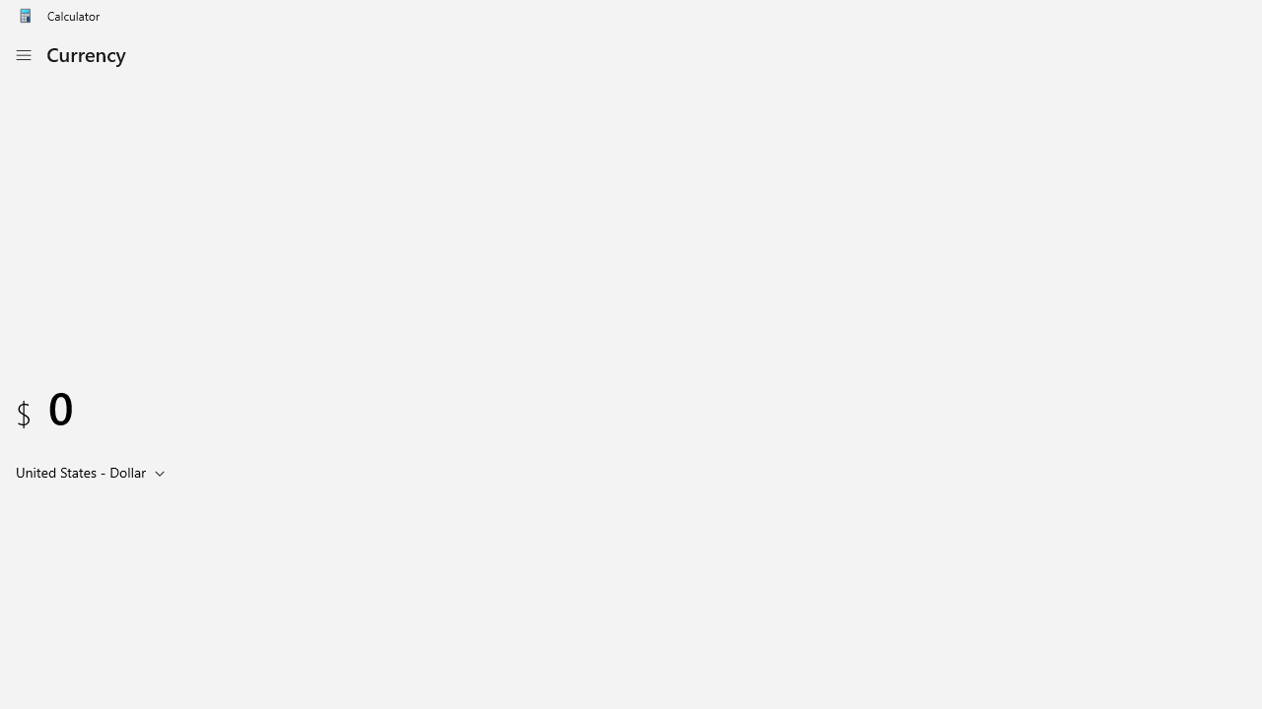 Image resolution: width=1262 pixels, height=709 pixels. Describe the element at coordinates (79, 472) in the screenshot. I see `'United States Dollar'` at that location.